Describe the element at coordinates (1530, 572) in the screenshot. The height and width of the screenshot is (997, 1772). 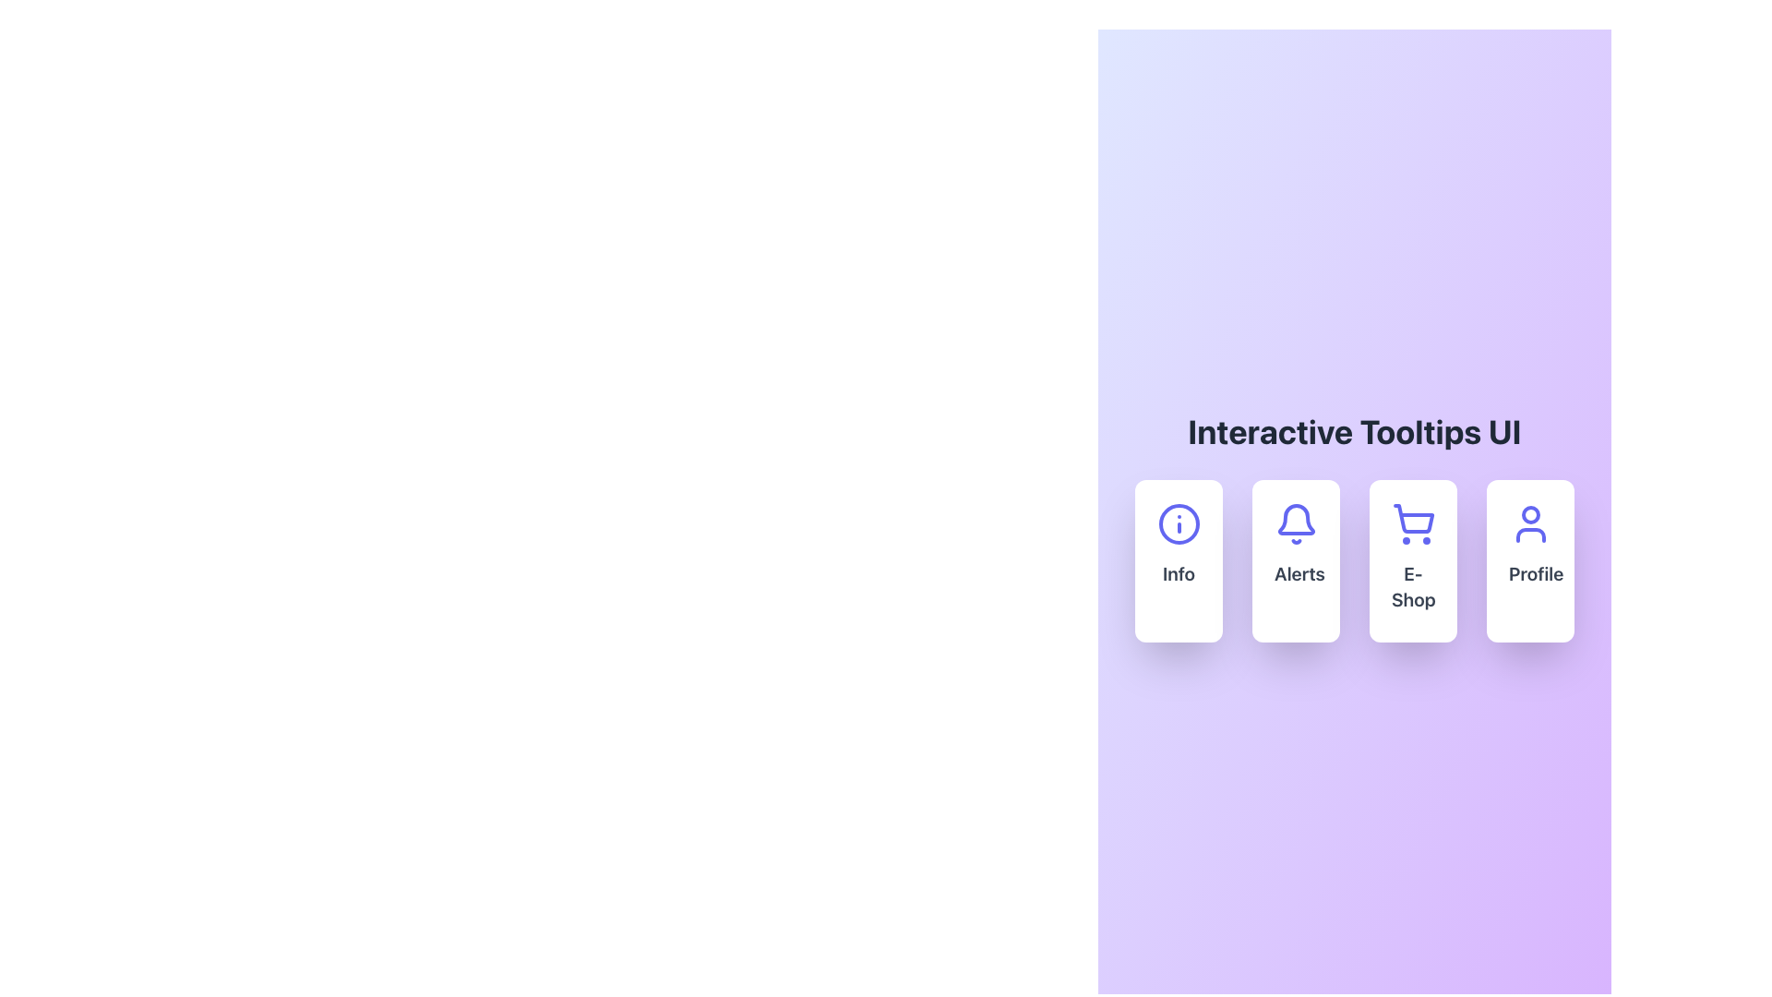
I see `the text label displaying 'Profile', which is styled with larger bold font in dark gray and located below a user icon within a card component` at that location.